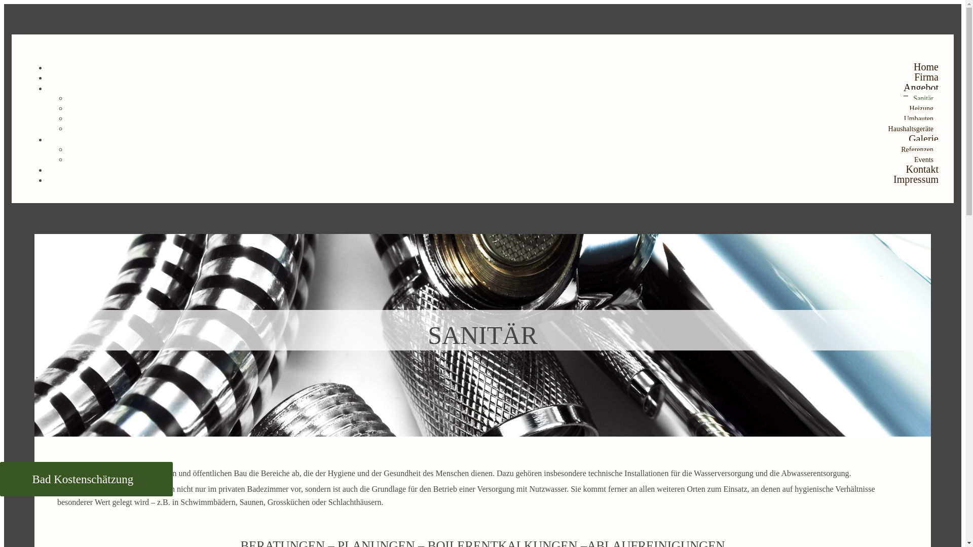  What do you see at coordinates (921, 108) in the screenshot?
I see `'Heizung'` at bounding box center [921, 108].